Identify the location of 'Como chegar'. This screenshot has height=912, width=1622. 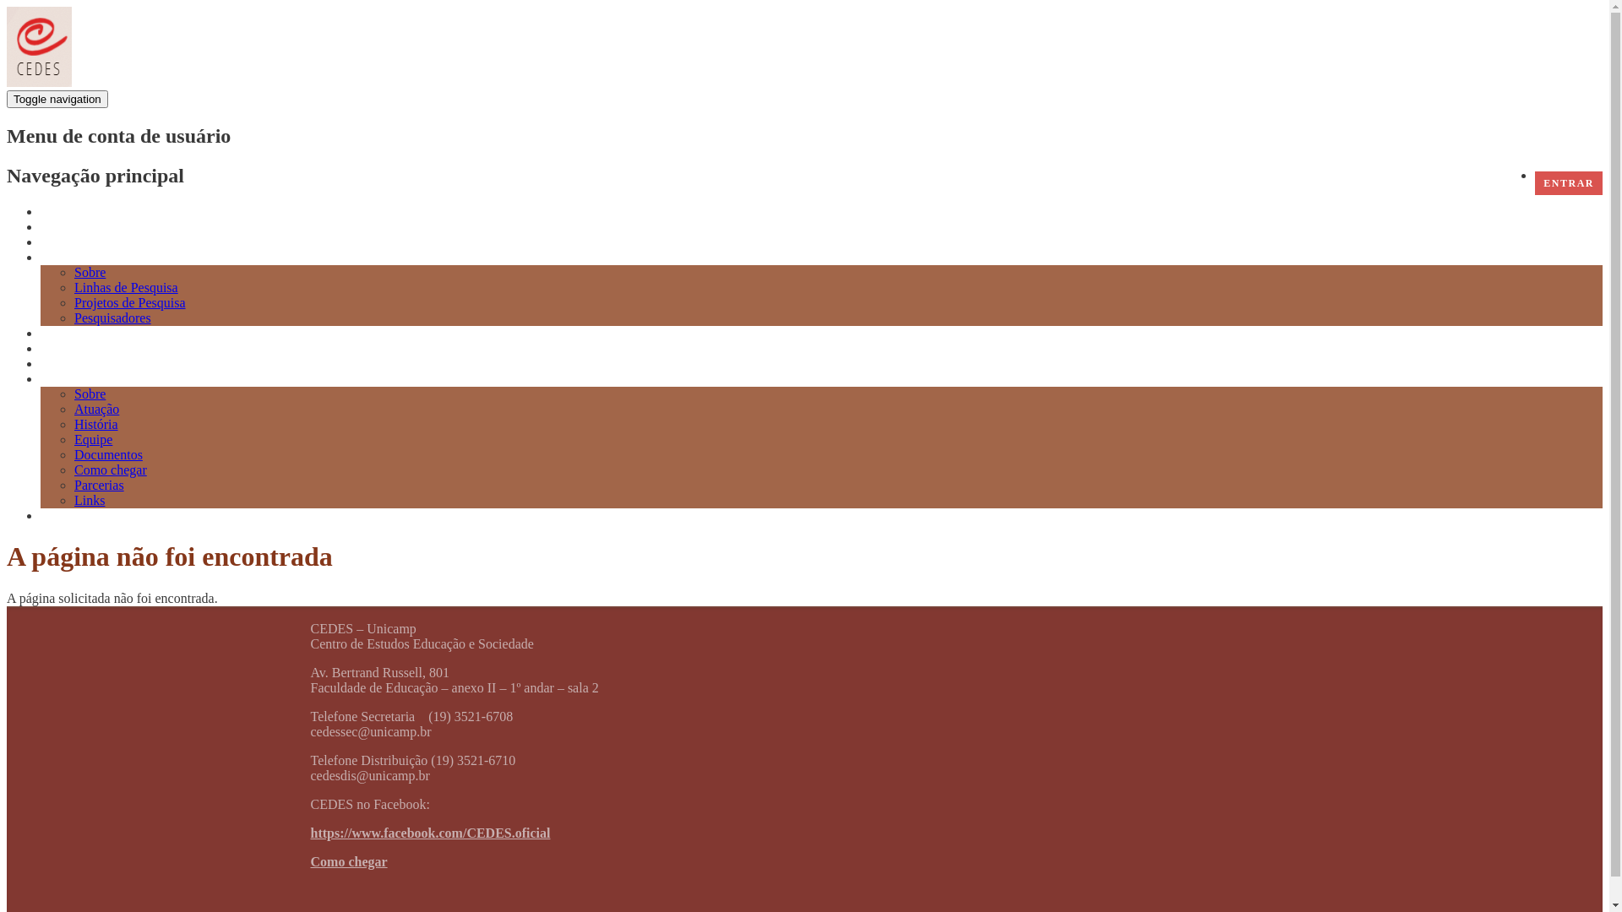
(348, 861).